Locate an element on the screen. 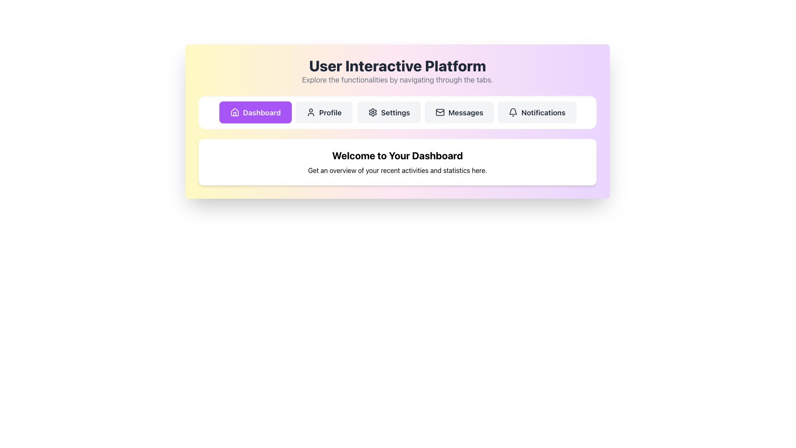 The width and height of the screenshot is (796, 448). the user profile icon located to the left of the 'Profile' text in the button is located at coordinates (311, 112).